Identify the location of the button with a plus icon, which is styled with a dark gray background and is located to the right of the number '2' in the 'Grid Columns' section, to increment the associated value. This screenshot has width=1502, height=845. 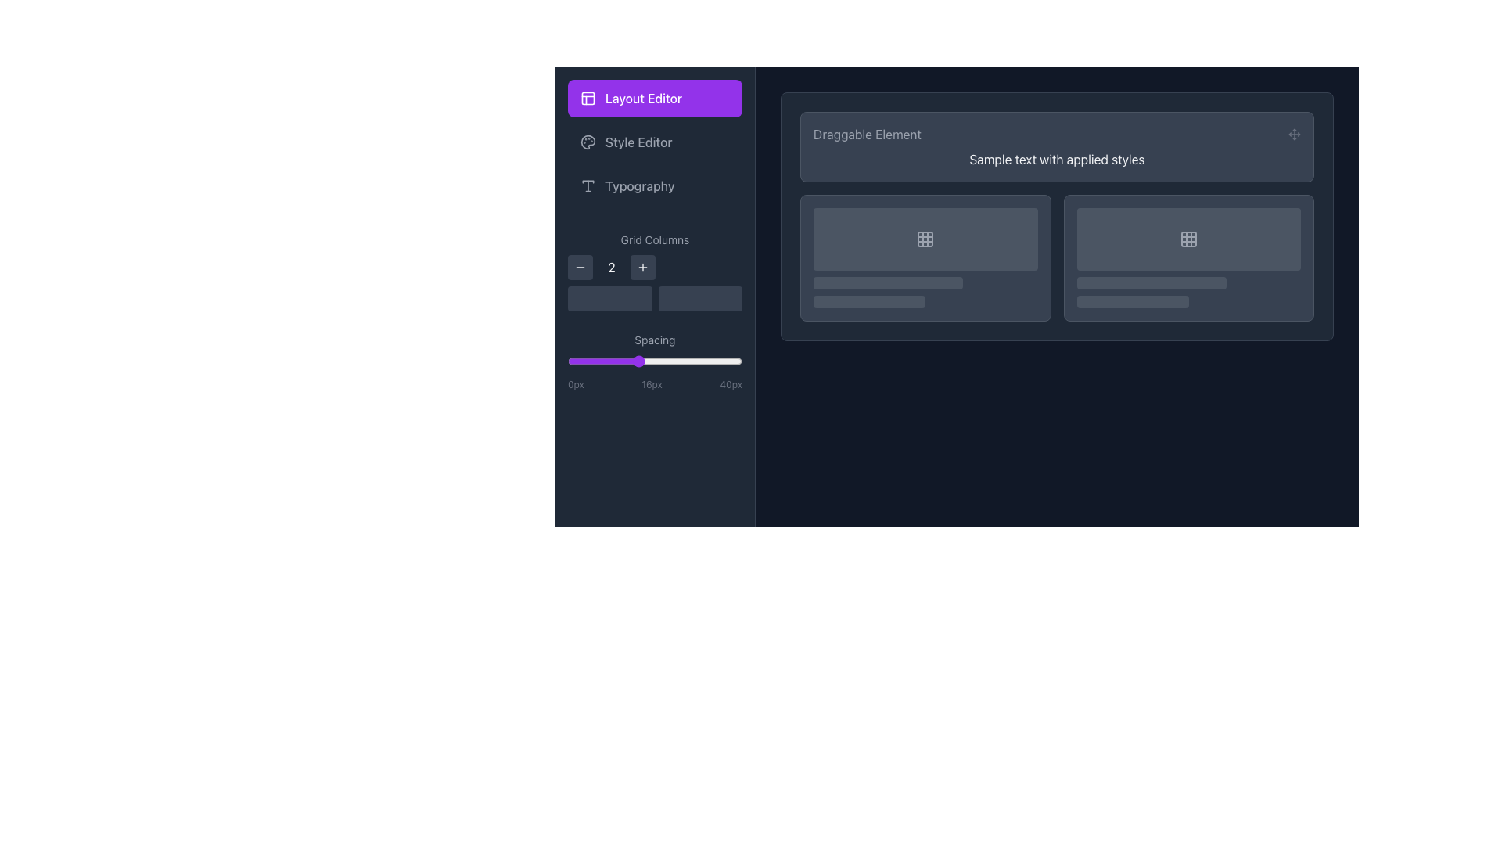
(642, 267).